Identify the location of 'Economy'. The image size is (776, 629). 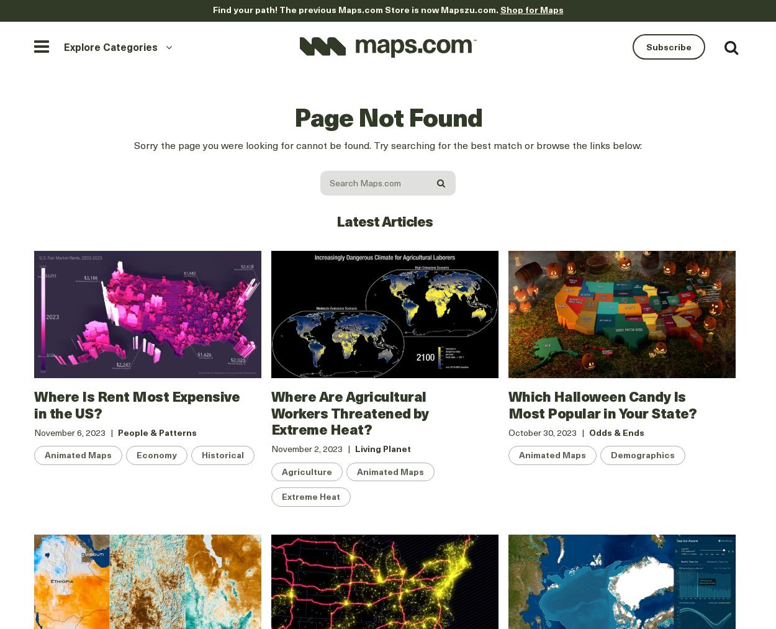
(156, 455).